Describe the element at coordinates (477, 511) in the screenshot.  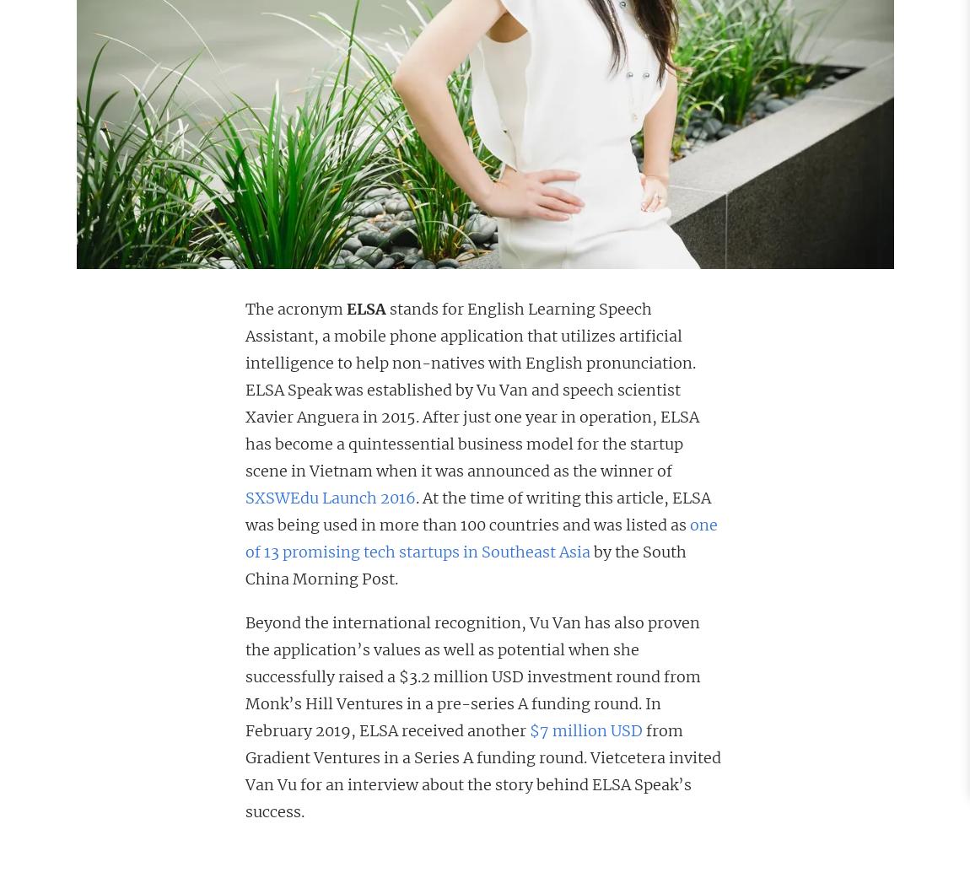
I see `'. At the time of writing this article, ELSA was being used in more than 100 countries and was listed as'` at that location.